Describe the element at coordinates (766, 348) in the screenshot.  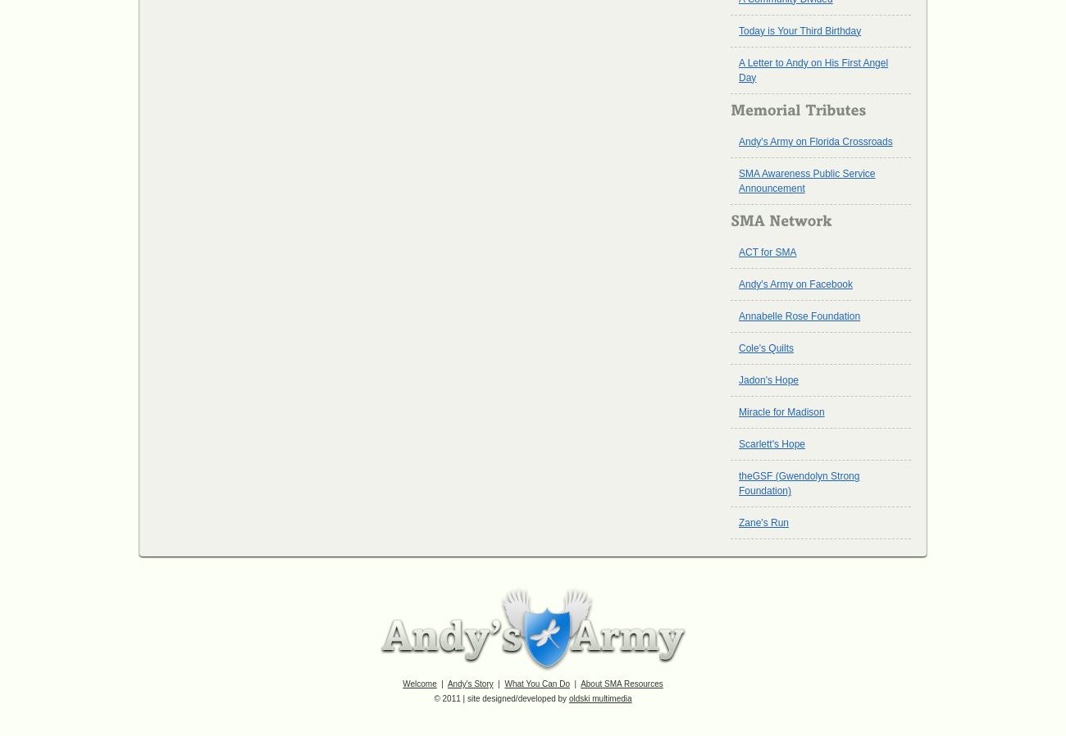
I see `'Cole's Quilts'` at that location.